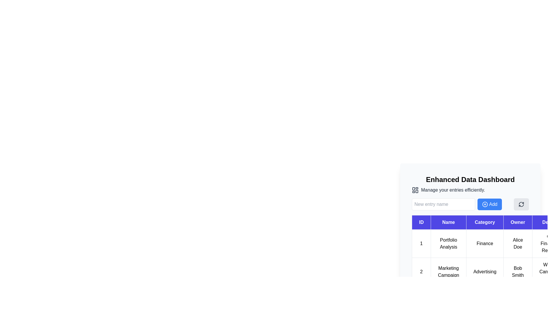  Describe the element at coordinates (485, 204) in the screenshot. I see `the decorative SVG circle that serves as the base for the 'Add' button, located in the top center-right portion of the interface` at that location.